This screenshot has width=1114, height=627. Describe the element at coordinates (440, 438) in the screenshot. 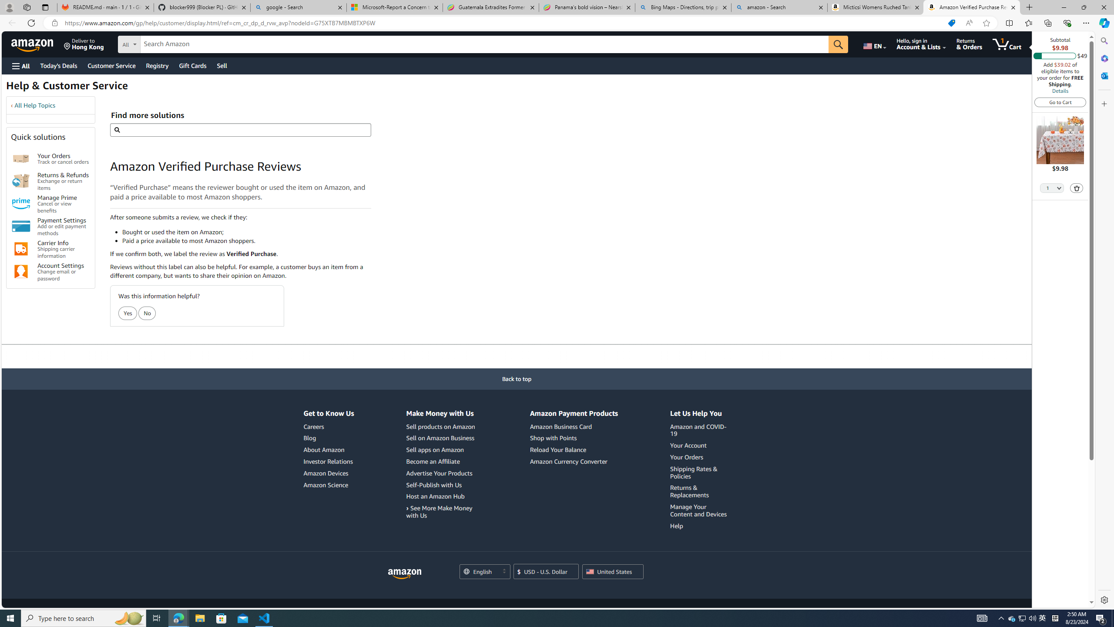

I see `'Sell on Amazon Business'` at that location.